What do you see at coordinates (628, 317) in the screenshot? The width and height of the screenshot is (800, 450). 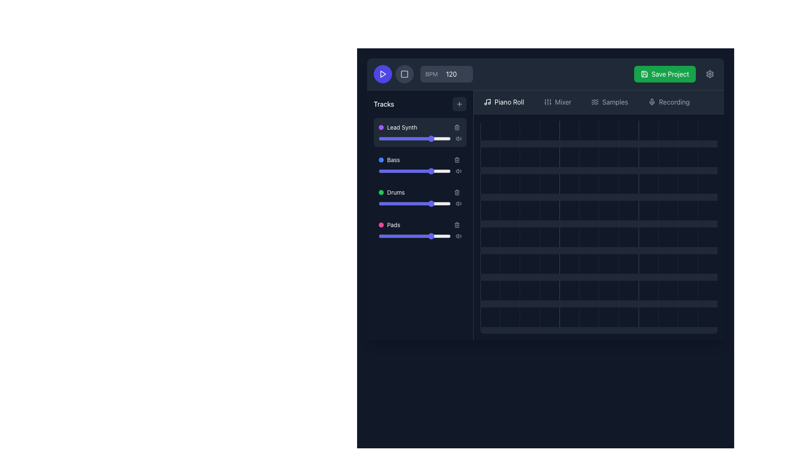 I see `the interactive grid cell located in the bottom row, eighth column from the left, which serves as a visual placeholder or toggle within the grid structure` at bounding box center [628, 317].